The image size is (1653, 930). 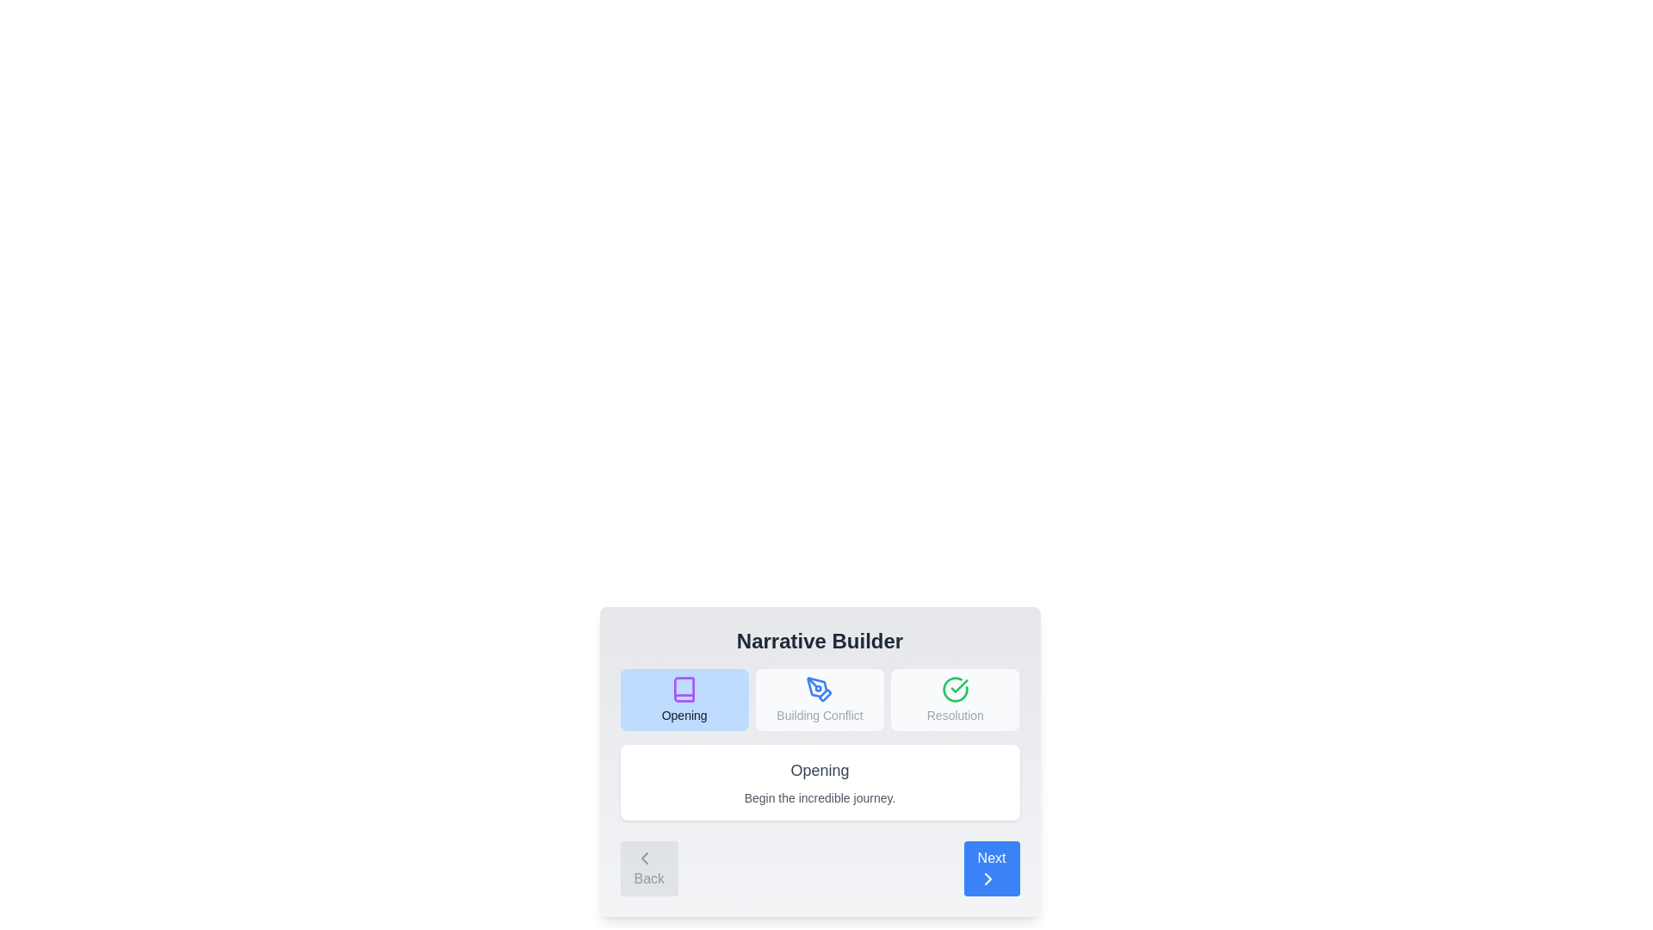 I want to click on 'Next' button to navigate to the next step, so click(x=992, y=869).